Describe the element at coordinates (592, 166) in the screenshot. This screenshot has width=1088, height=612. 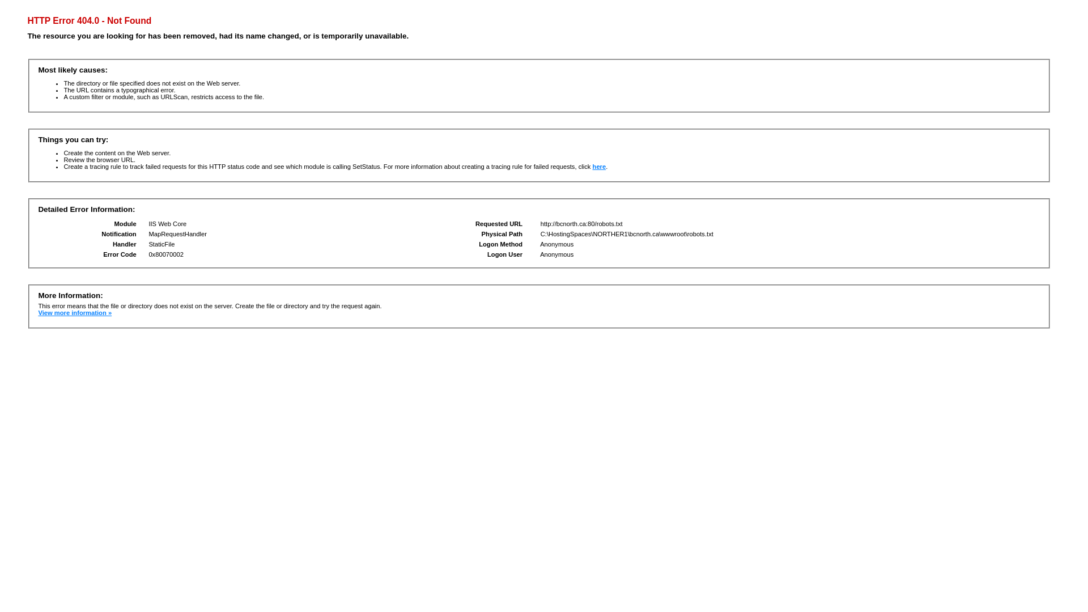
I see `'here'` at that location.